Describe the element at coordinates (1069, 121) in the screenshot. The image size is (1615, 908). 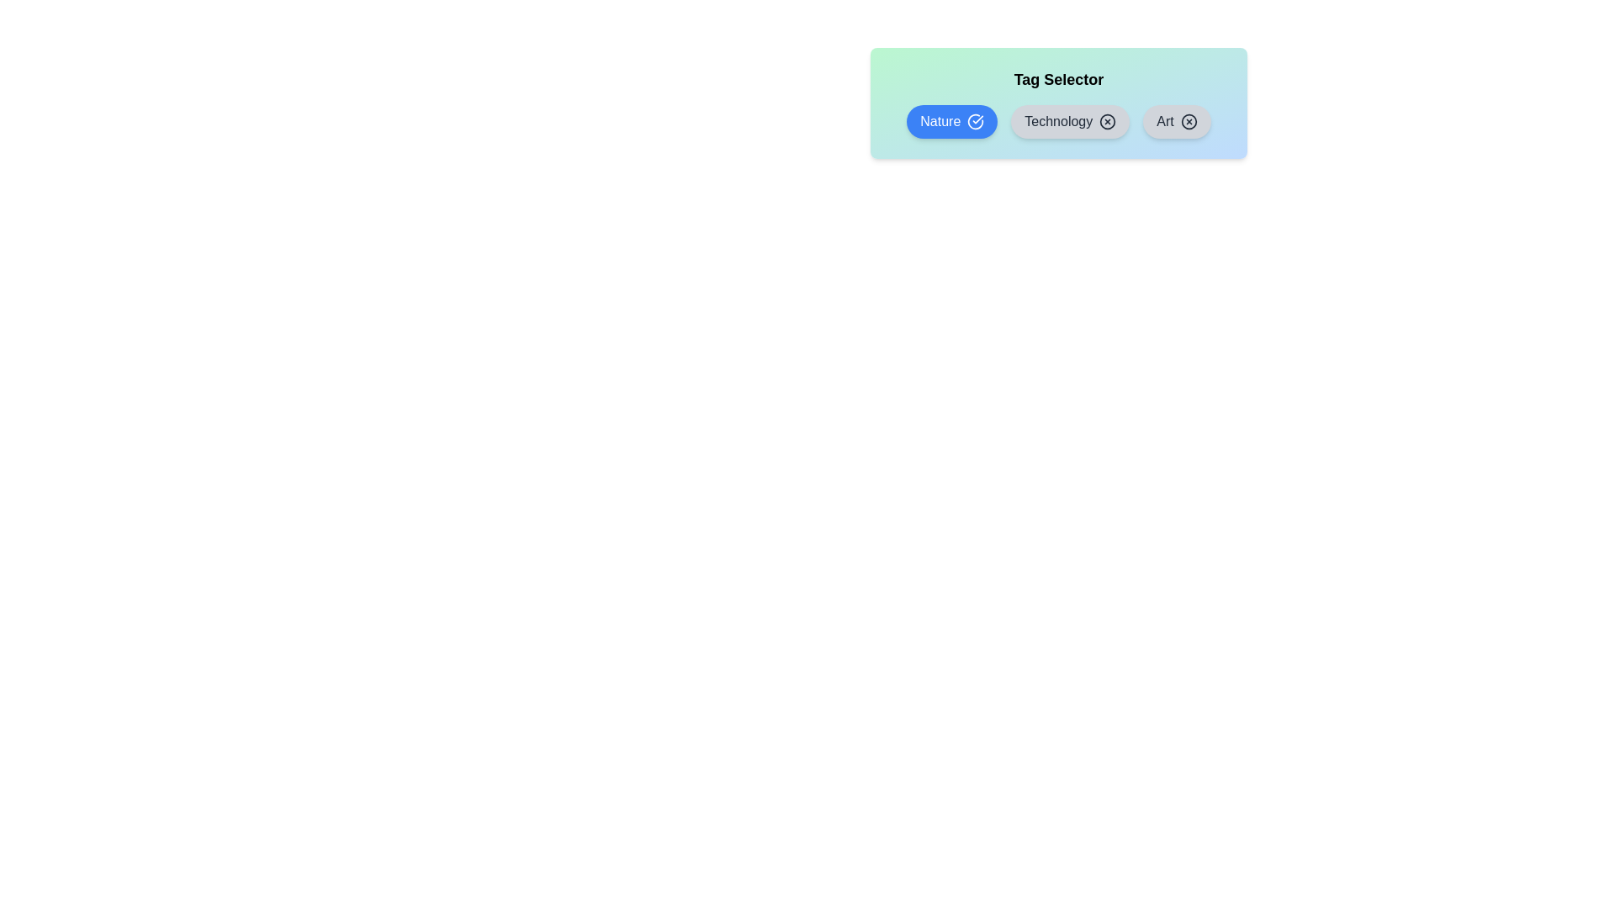
I see `the tag labeled Technology` at that location.